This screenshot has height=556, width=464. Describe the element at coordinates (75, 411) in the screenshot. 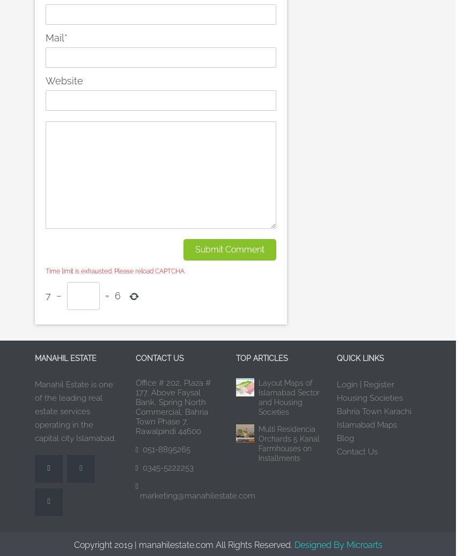

I see `'Manahil Estate is one of the leading real estate services operating in the capital city Islamabad.'` at that location.